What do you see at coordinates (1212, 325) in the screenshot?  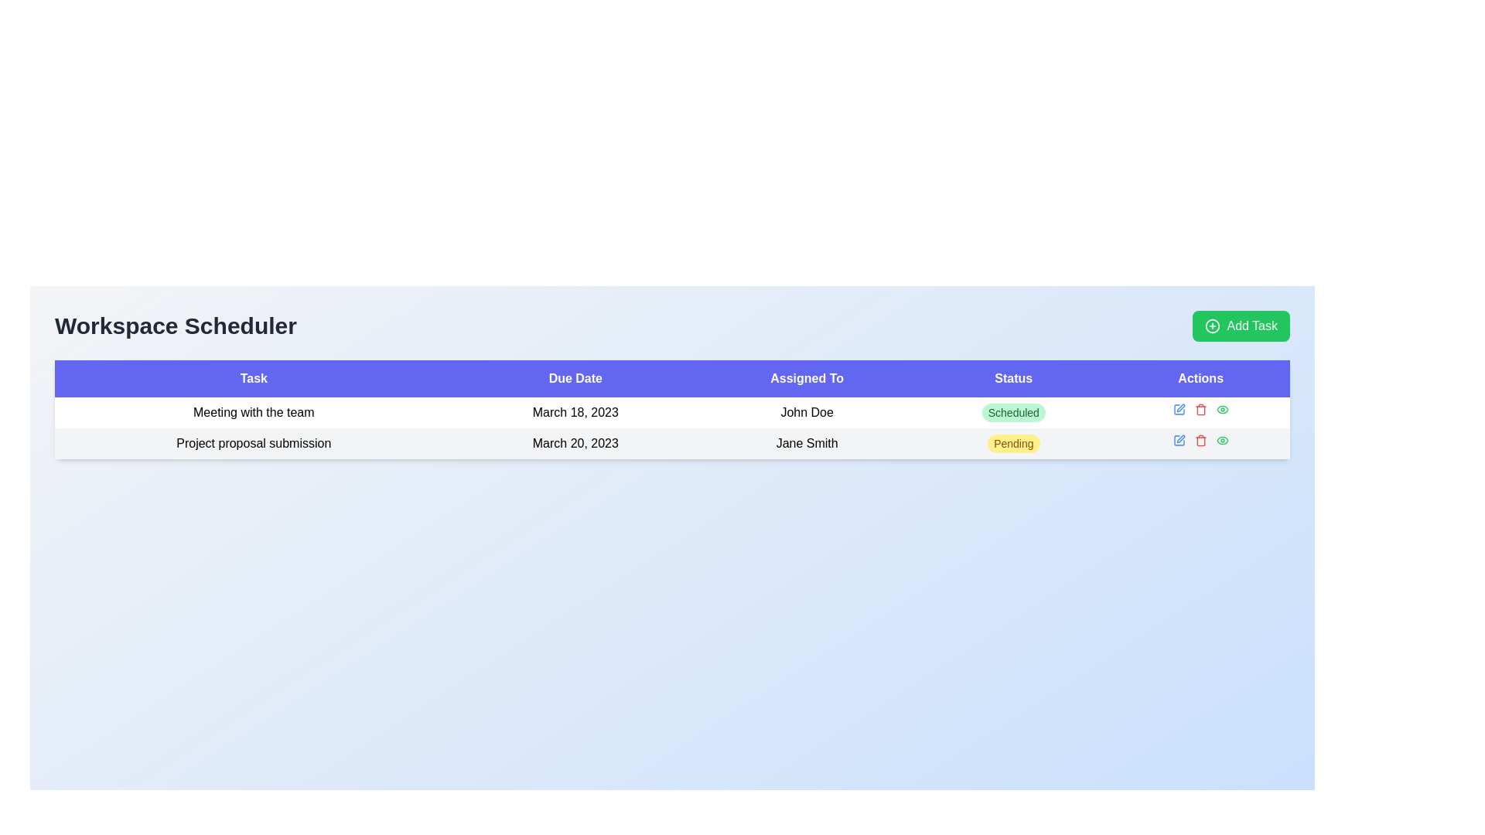 I see `the circular '+' icon with a green background and white border located within the 'Add Task' button, positioned to the left of the 'Add Task' text` at bounding box center [1212, 325].